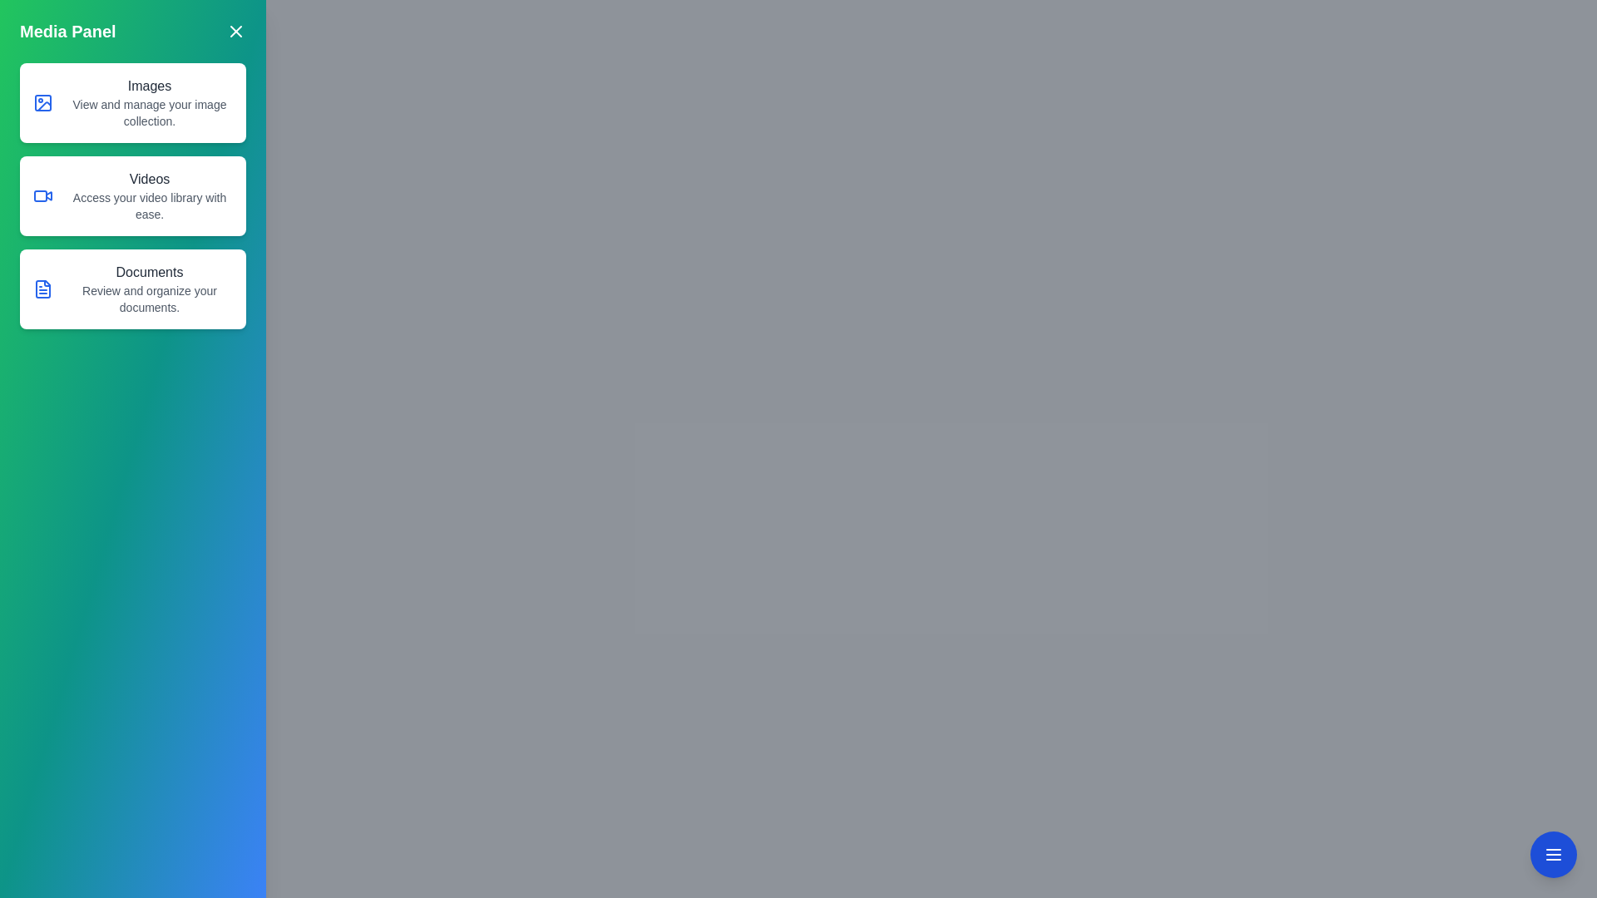 The height and width of the screenshot is (898, 1597). I want to click on title 'Media Panel' from the section located at the top of the sidebar, which has a gradient background and includes a close button, so click(131, 32).